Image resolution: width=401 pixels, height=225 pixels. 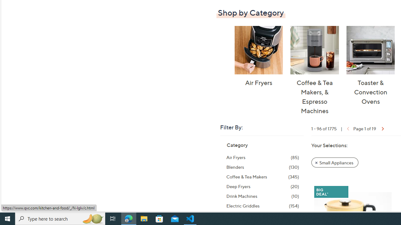 What do you see at coordinates (370, 50) in the screenshot?
I see `'Toaster & Convection Ovens'` at bounding box center [370, 50].